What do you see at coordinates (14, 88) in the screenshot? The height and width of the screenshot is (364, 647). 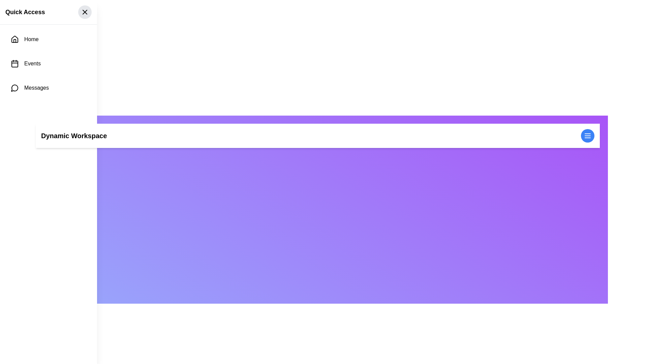 I see `the 'Messages' icon located in the left sidebar navigation menu` at bounding box center [14, 88].